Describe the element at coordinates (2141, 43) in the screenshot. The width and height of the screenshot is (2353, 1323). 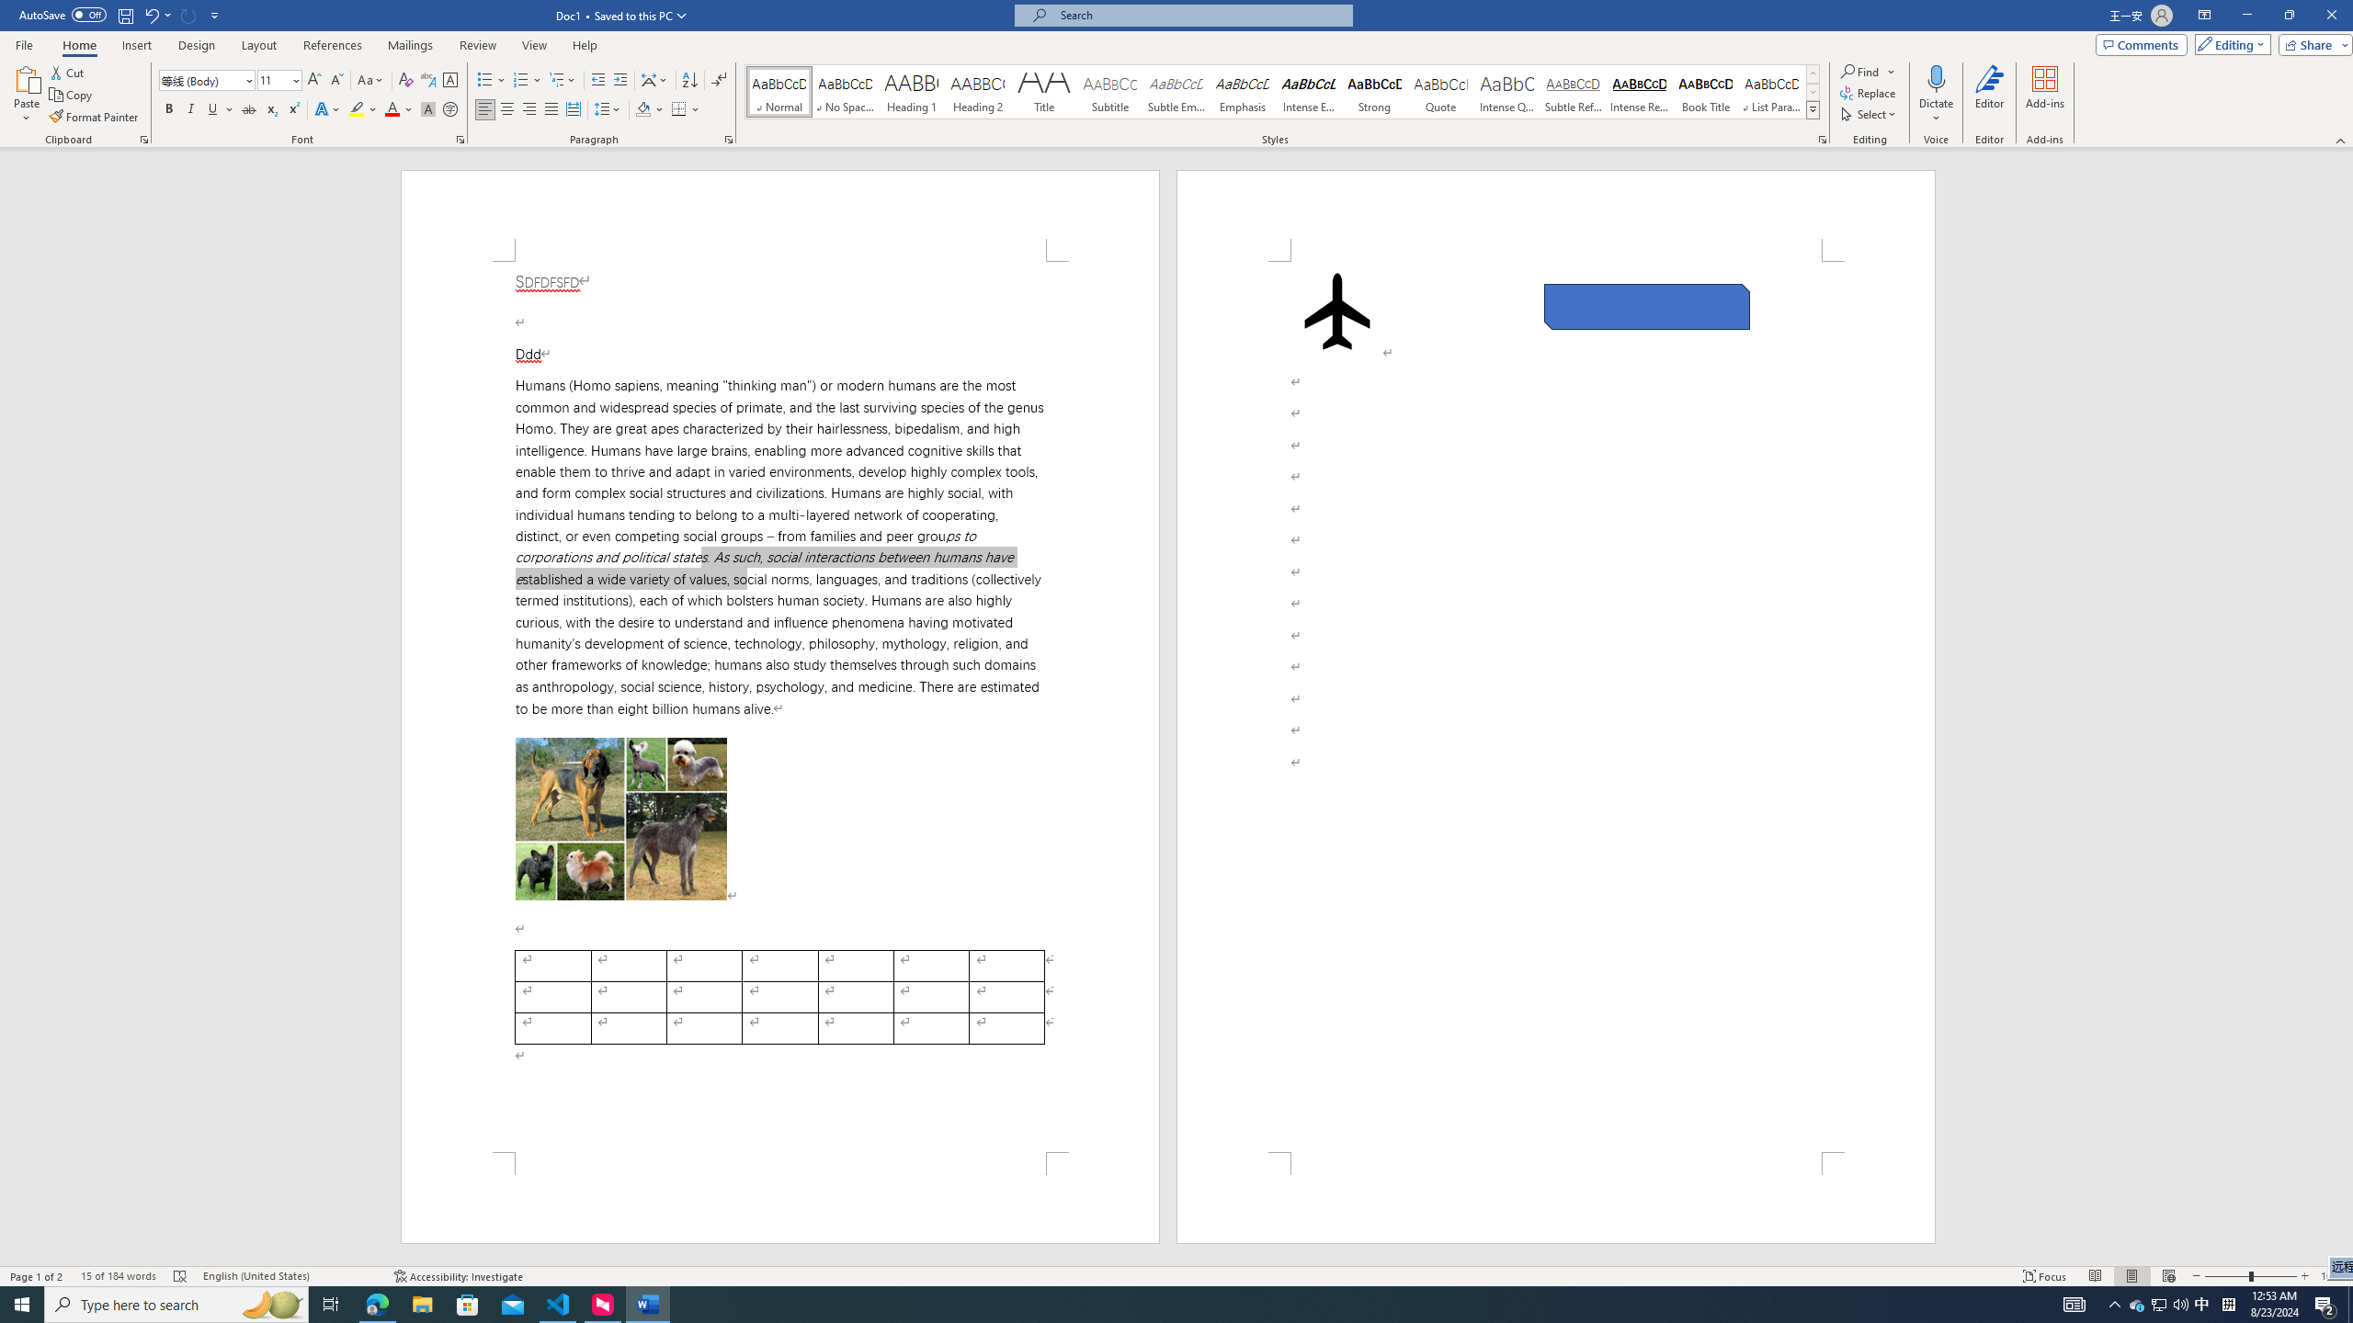
I see `'Comments'` at that location.